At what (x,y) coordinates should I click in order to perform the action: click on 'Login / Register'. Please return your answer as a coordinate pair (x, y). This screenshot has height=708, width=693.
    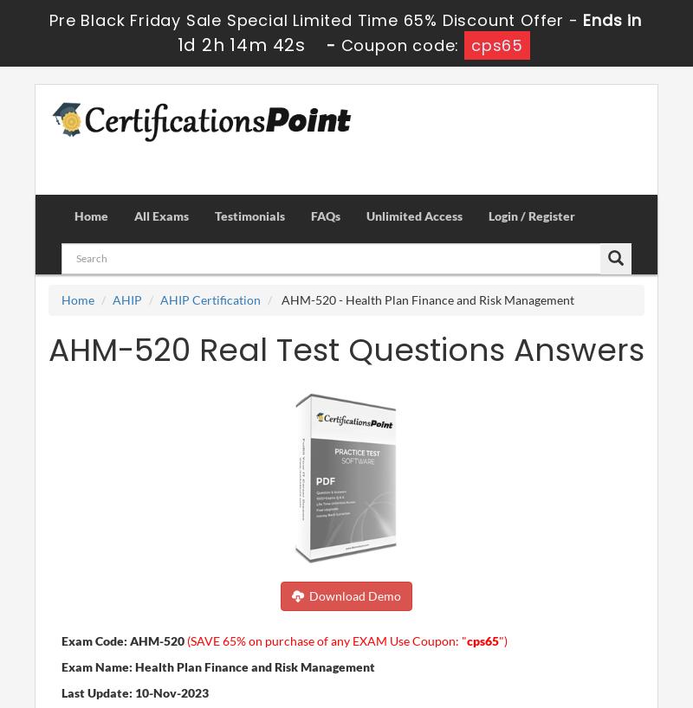
    Looking at the image, I should click on (532, 215).